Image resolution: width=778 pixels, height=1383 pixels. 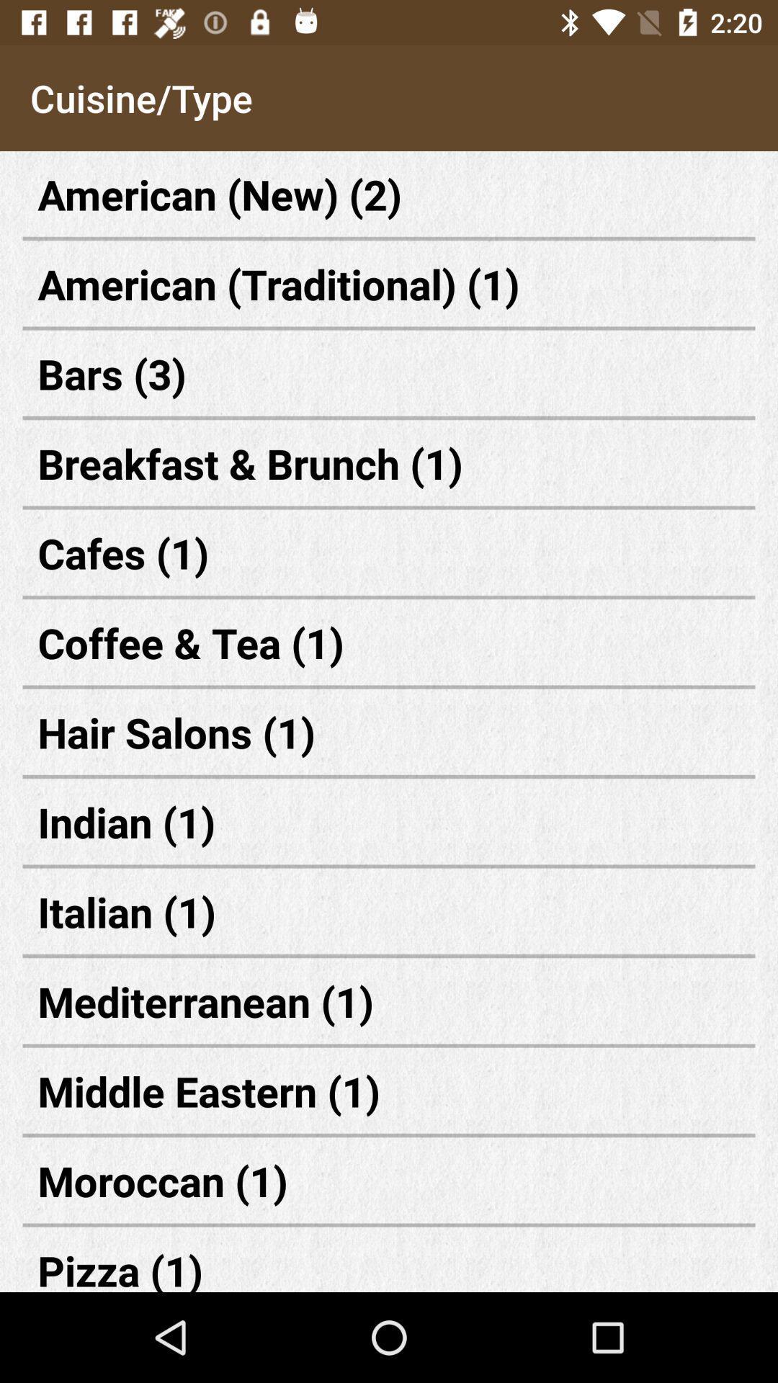 What do you see at coordinates (389, 822) in the screenshot?
I see `icon below the hair salons (1) icon` at bounding box center [389, 822].